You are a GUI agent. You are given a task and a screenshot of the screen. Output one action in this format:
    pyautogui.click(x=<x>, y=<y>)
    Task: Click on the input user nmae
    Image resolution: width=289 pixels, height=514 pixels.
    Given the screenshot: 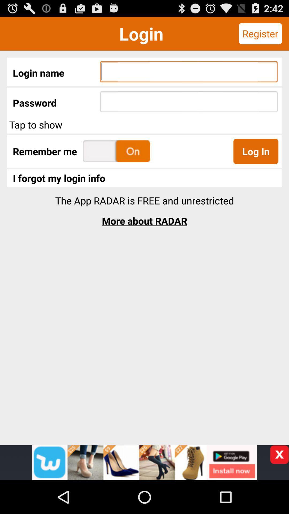 What is the action you would take?
    pyautogui.click(x=189, y=71)
    